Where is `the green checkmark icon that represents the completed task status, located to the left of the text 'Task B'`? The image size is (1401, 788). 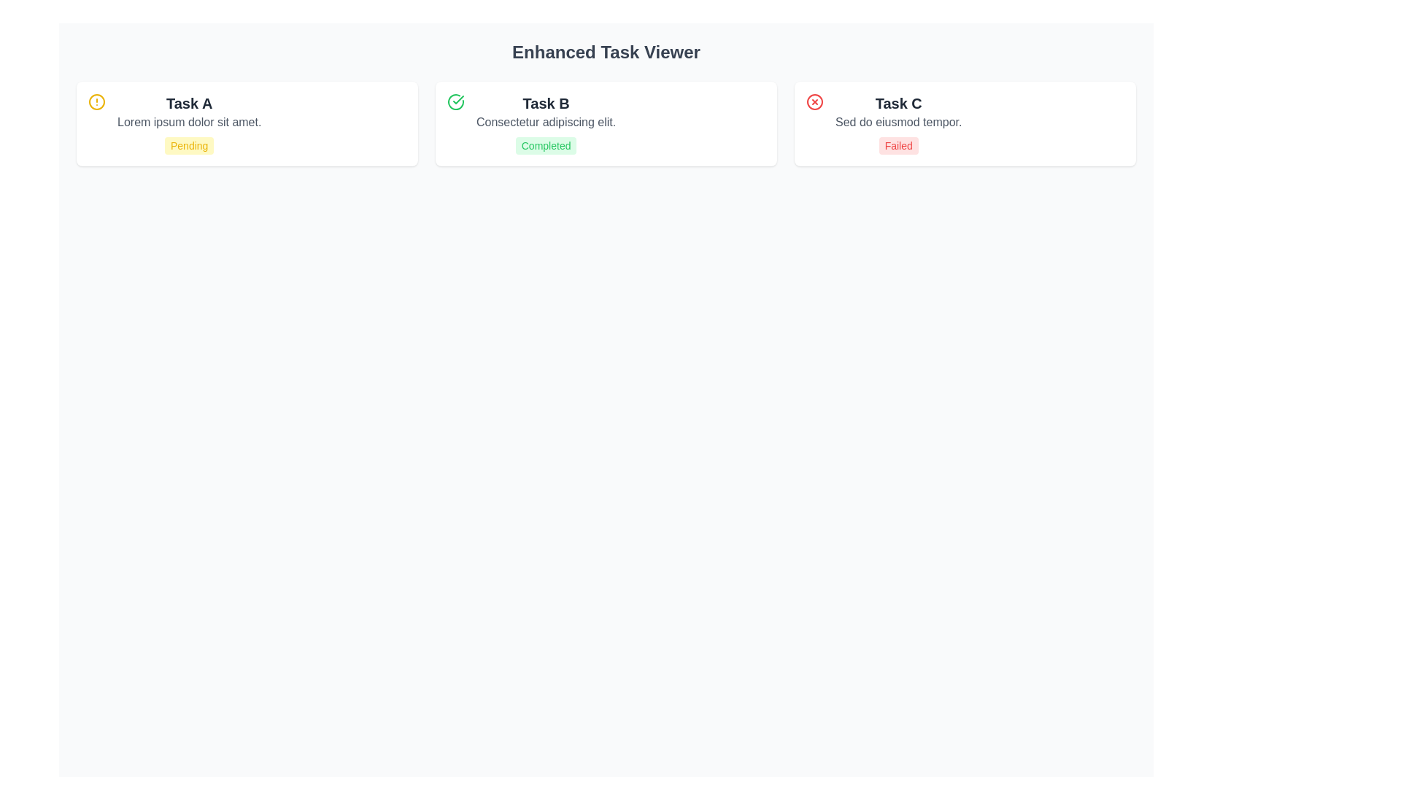 the green checkmark icon that represents the completed task status, located to the left of the text 'Task B' is located at coordinates (455, 101).